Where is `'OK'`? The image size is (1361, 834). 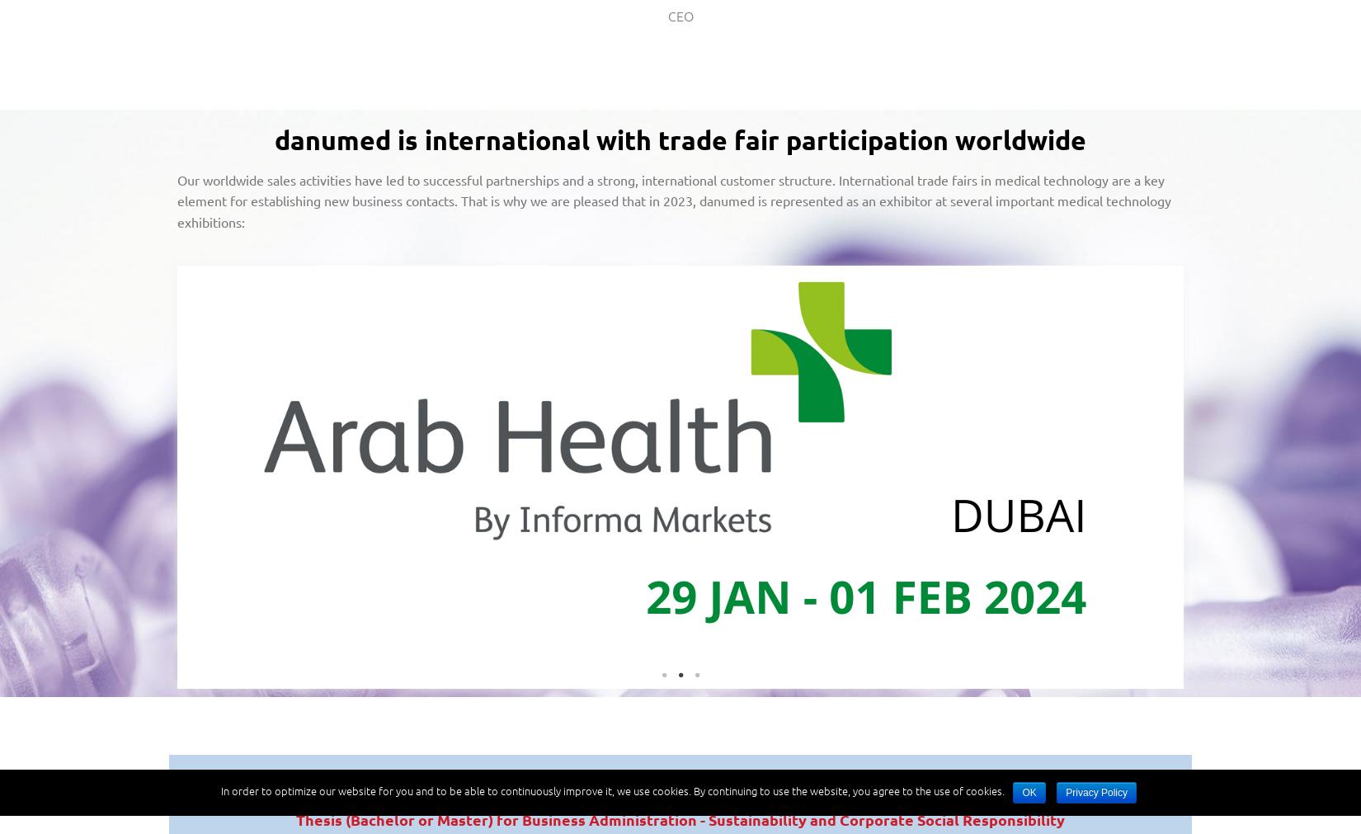 'OK' is located at coordinates (1021, 792).